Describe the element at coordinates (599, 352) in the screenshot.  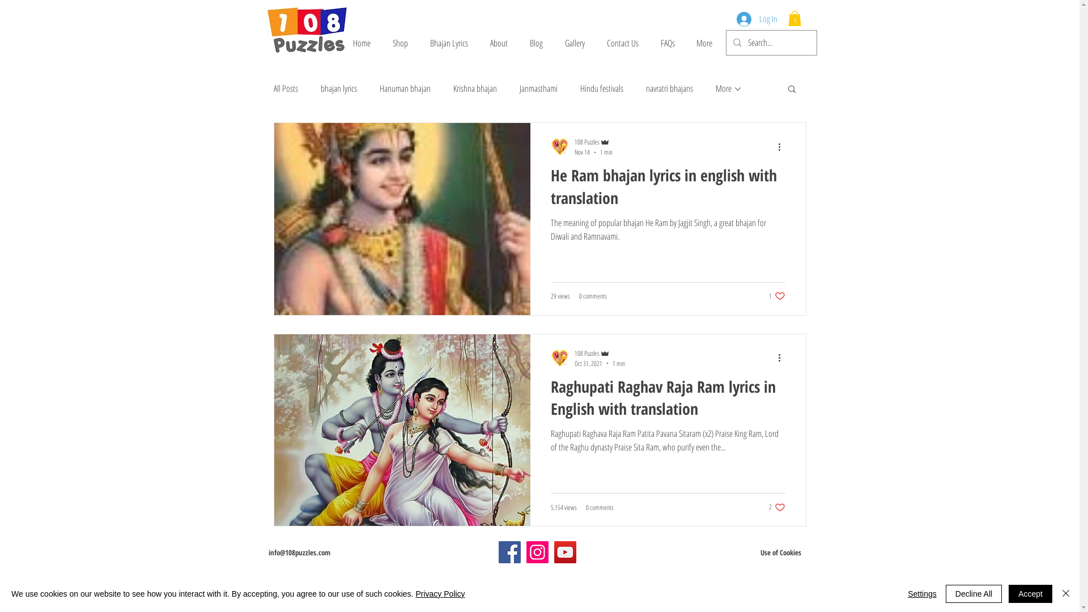
I see `'108 Puzzles'` at that location.